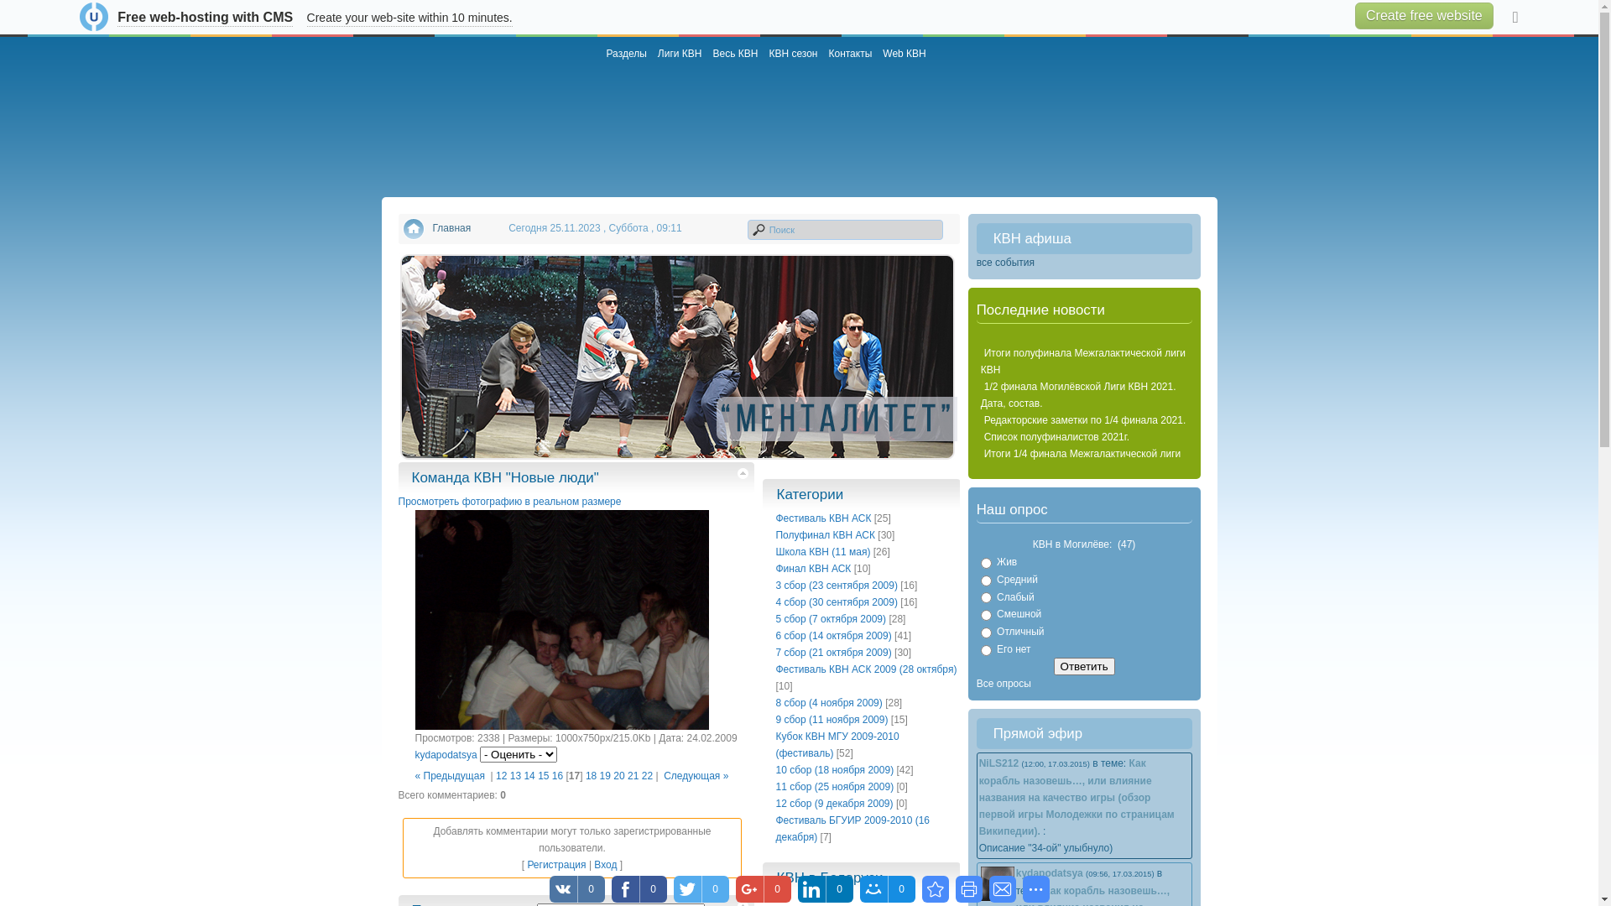 This screenshot has height=906, width=1611. I want to click on '21', so click(632, 776).